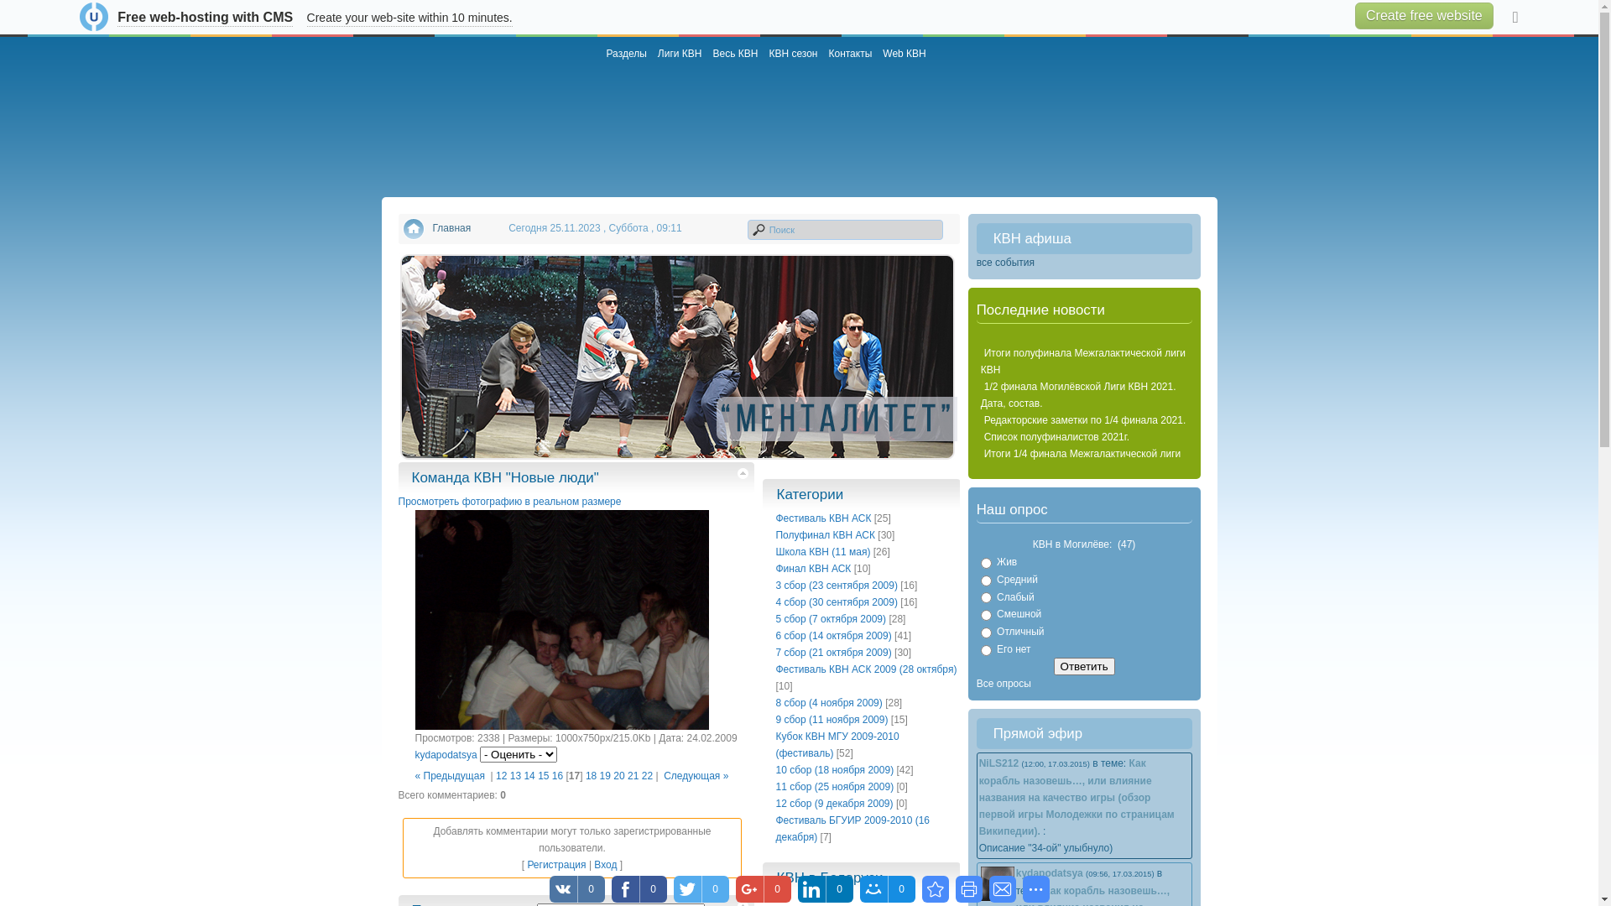 This screenshot has height=906, width=1611. I want to click on '21', so click(632, 776).